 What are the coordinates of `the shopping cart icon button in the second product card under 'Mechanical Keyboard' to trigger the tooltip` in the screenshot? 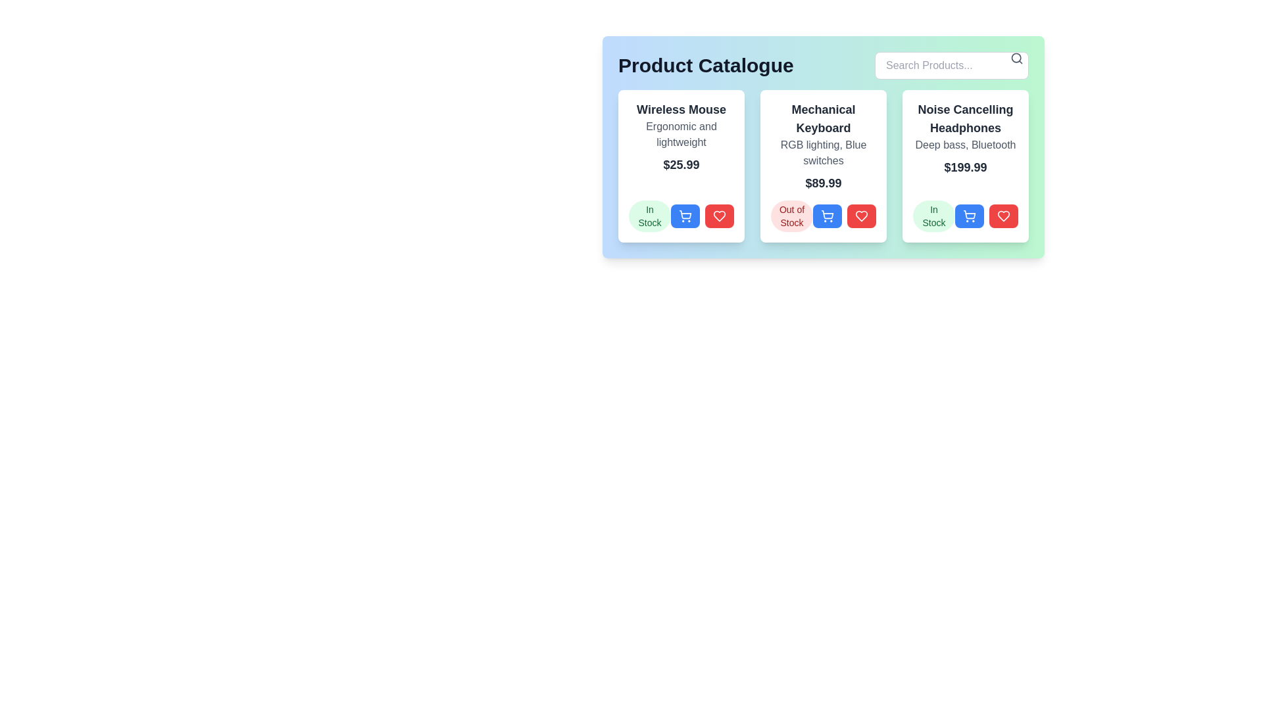 It's located at (826, 215).